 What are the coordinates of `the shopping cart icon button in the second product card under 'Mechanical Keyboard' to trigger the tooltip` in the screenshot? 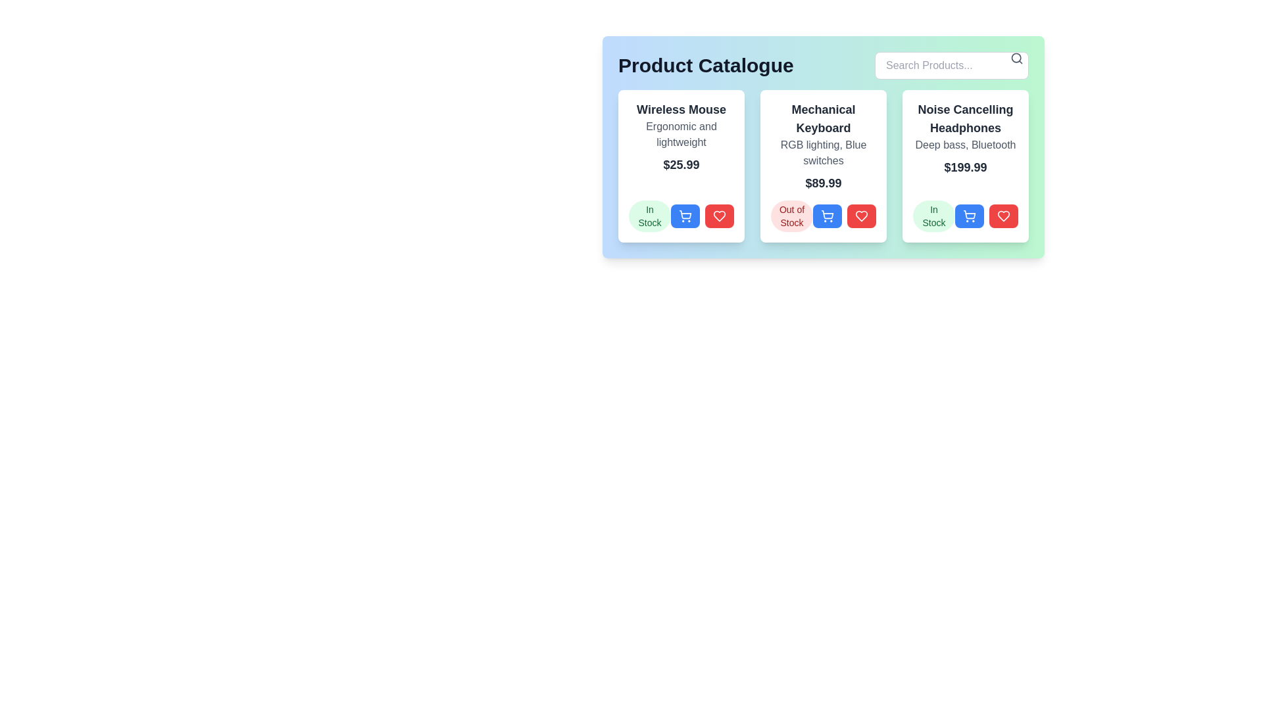 It's located at (826, 215).